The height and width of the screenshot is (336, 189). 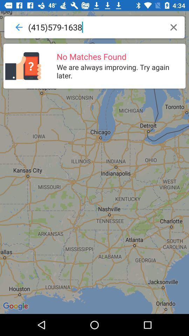 What do you see at coordinates (173, 27) in the screenshot?
I see `the item to the right of the (415)579-1638 item` at bounding box center [173, 27].